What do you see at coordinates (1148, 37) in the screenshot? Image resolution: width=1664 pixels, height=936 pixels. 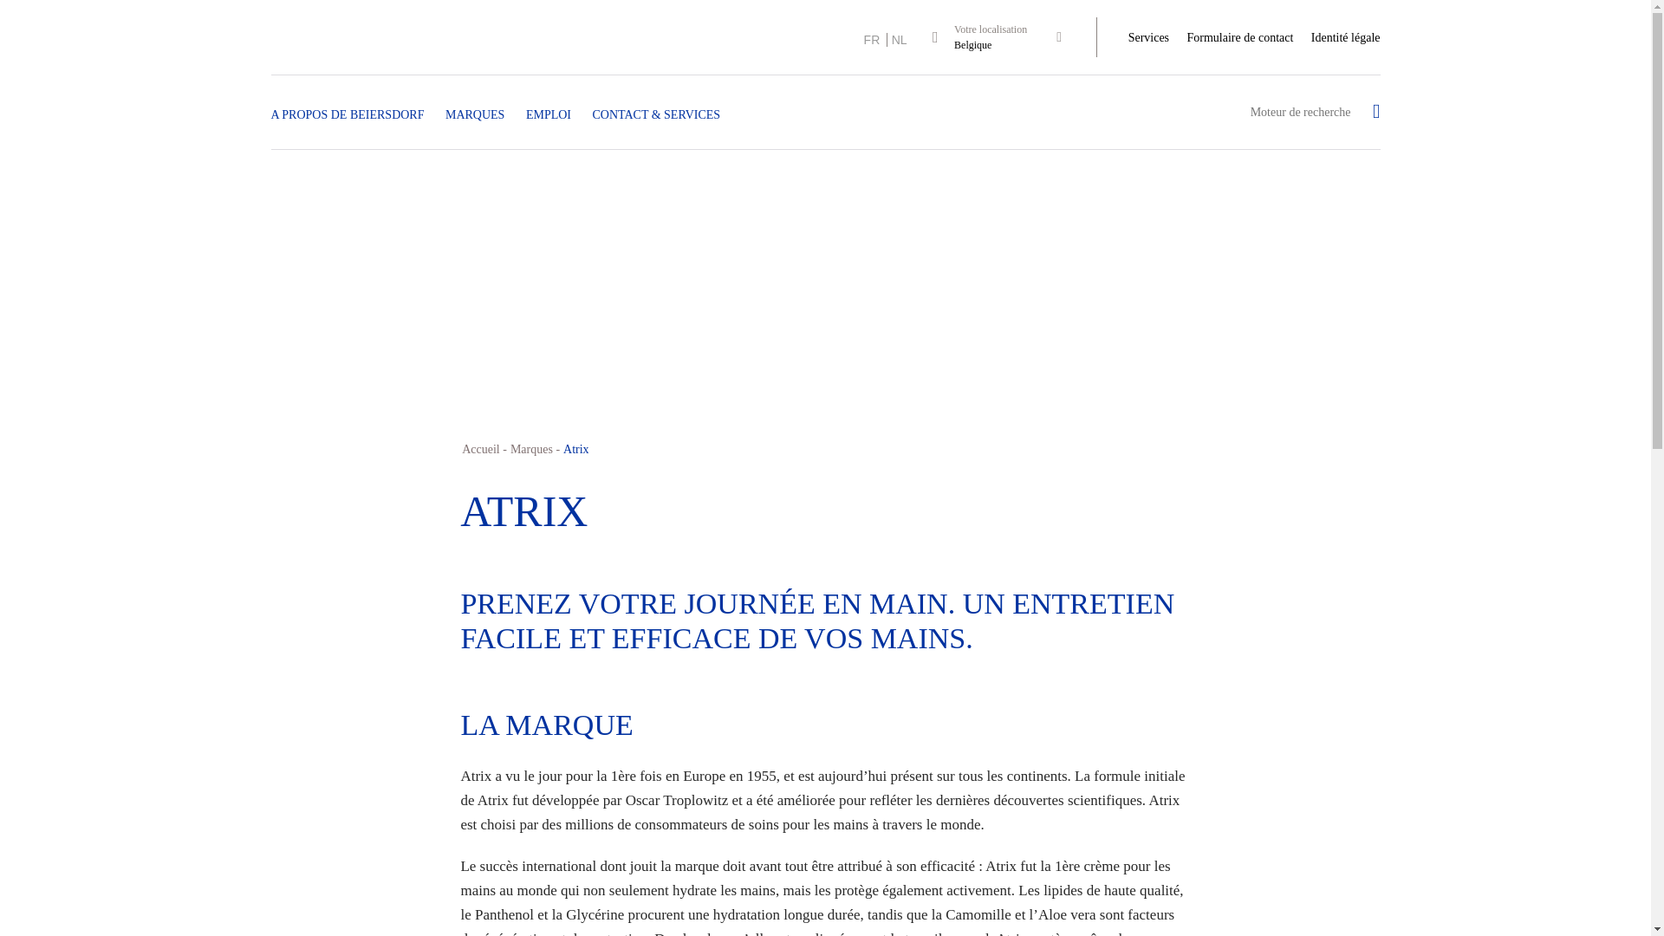 I see `'Services'` at bounding box center [1148, 37].